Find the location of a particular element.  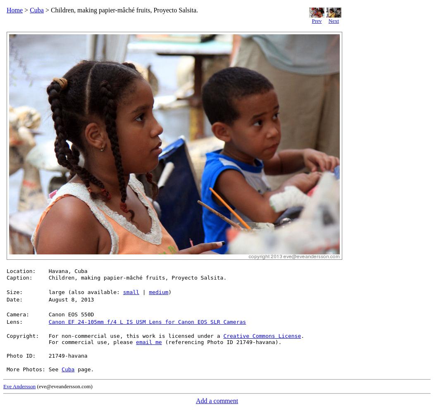

'large (also available:' is located at coordinates (85, 291).